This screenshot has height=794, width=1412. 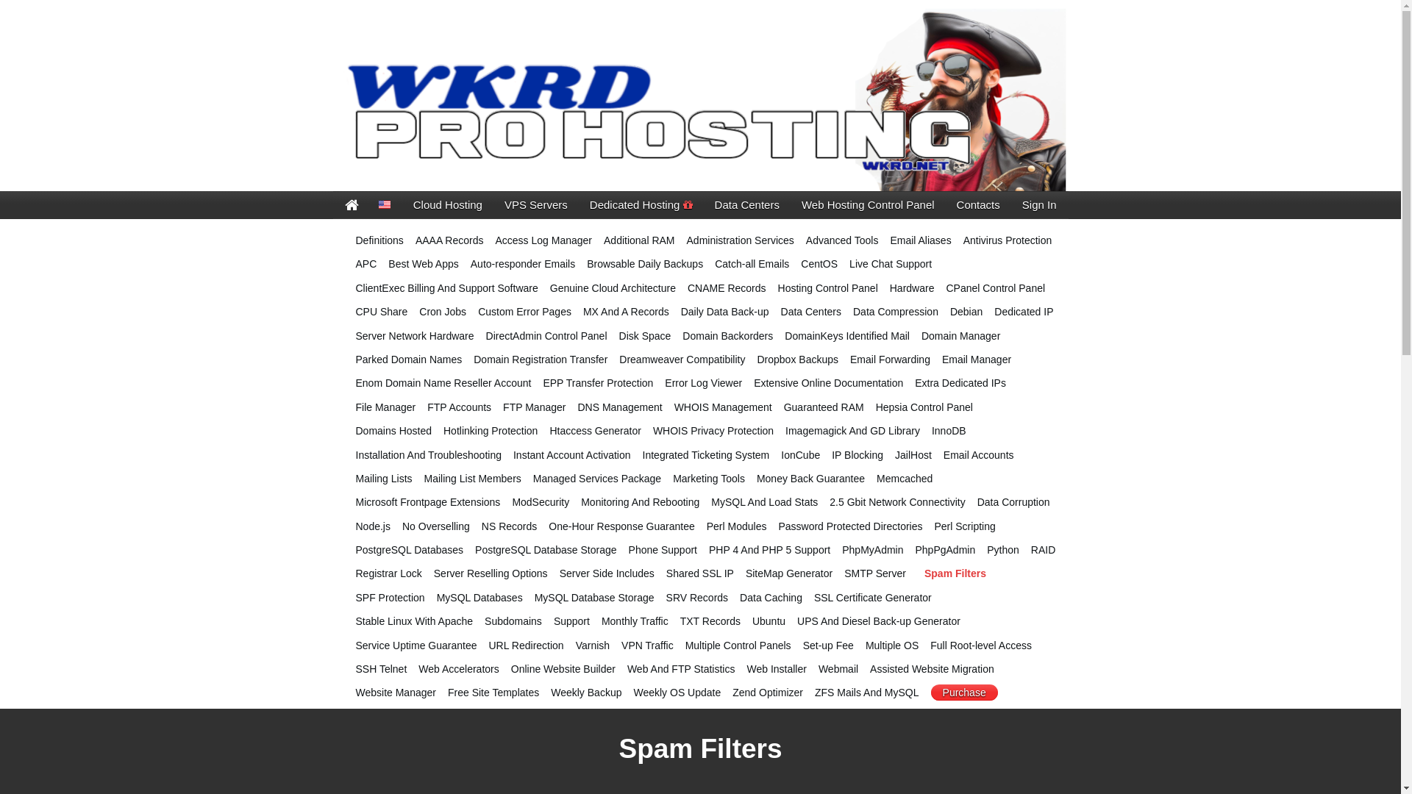 What do you see at coordinates (1042, 550) in the screenshot?
I see `'RAID'` at bounding box center [1042, 550].